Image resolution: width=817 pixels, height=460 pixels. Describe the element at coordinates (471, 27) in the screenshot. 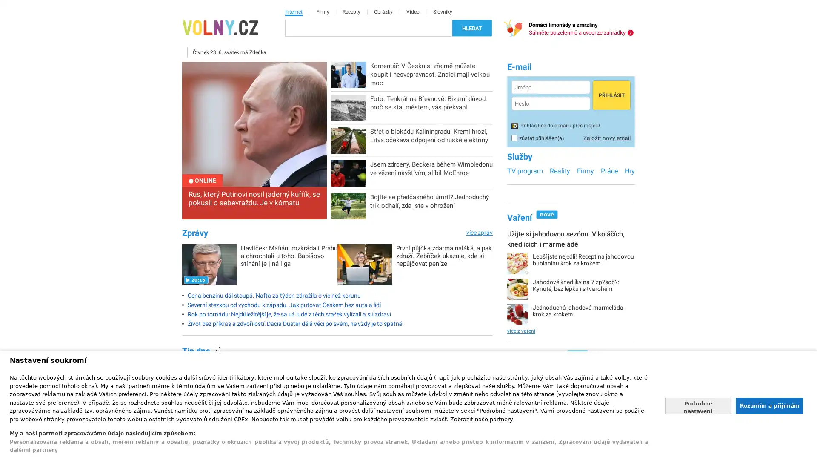

I see `HLEDAT` at that location.